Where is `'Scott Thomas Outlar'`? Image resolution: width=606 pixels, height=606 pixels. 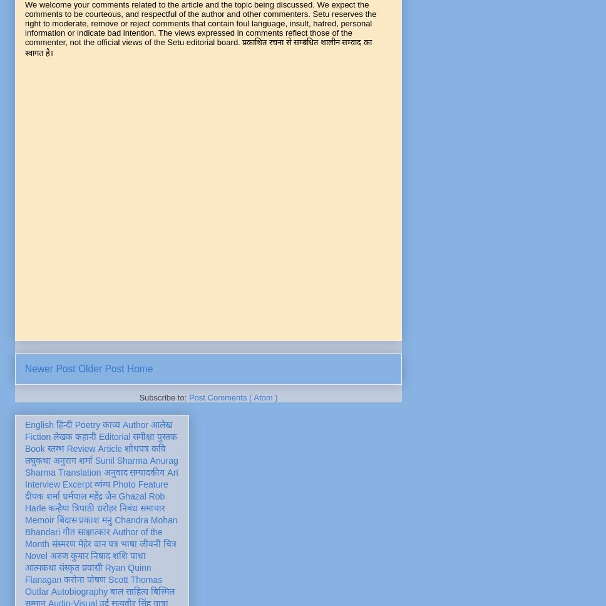
'Scott Thomas Outlar' is located at coordinates (93, 584).